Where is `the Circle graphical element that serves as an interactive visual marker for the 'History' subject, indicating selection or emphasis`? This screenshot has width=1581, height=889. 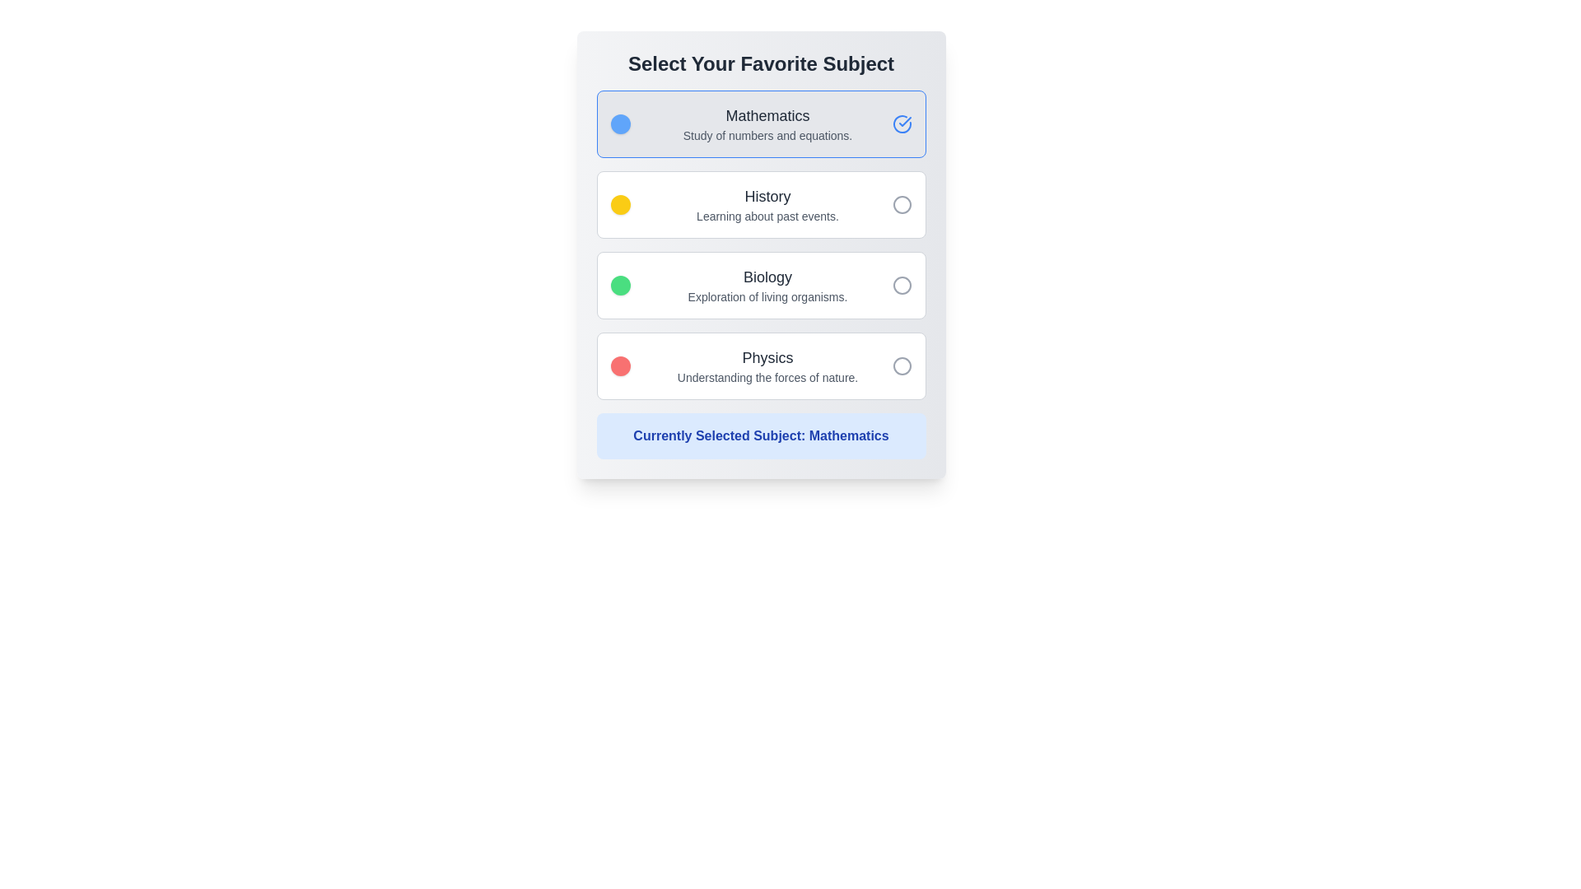
the Circle graphical element that serves as an interactive visual marker for the 'History' subject, indicating selection or emphasis is located at coordinates (901, 204).